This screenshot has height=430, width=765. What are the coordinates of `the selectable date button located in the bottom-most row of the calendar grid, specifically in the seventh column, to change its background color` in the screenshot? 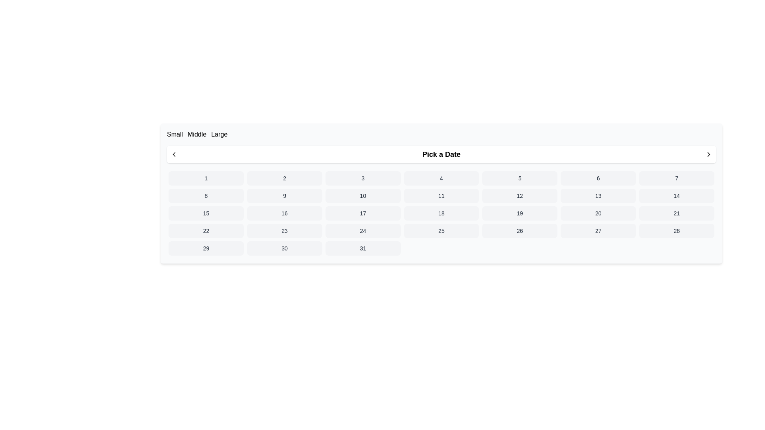 It's located at (363, 248).